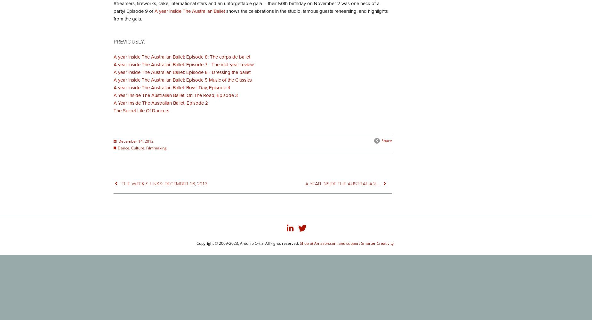  I want to click on 'A year inside The Australian Ballet: Episode 6 - Dressing the ballet', so click(182, 72).